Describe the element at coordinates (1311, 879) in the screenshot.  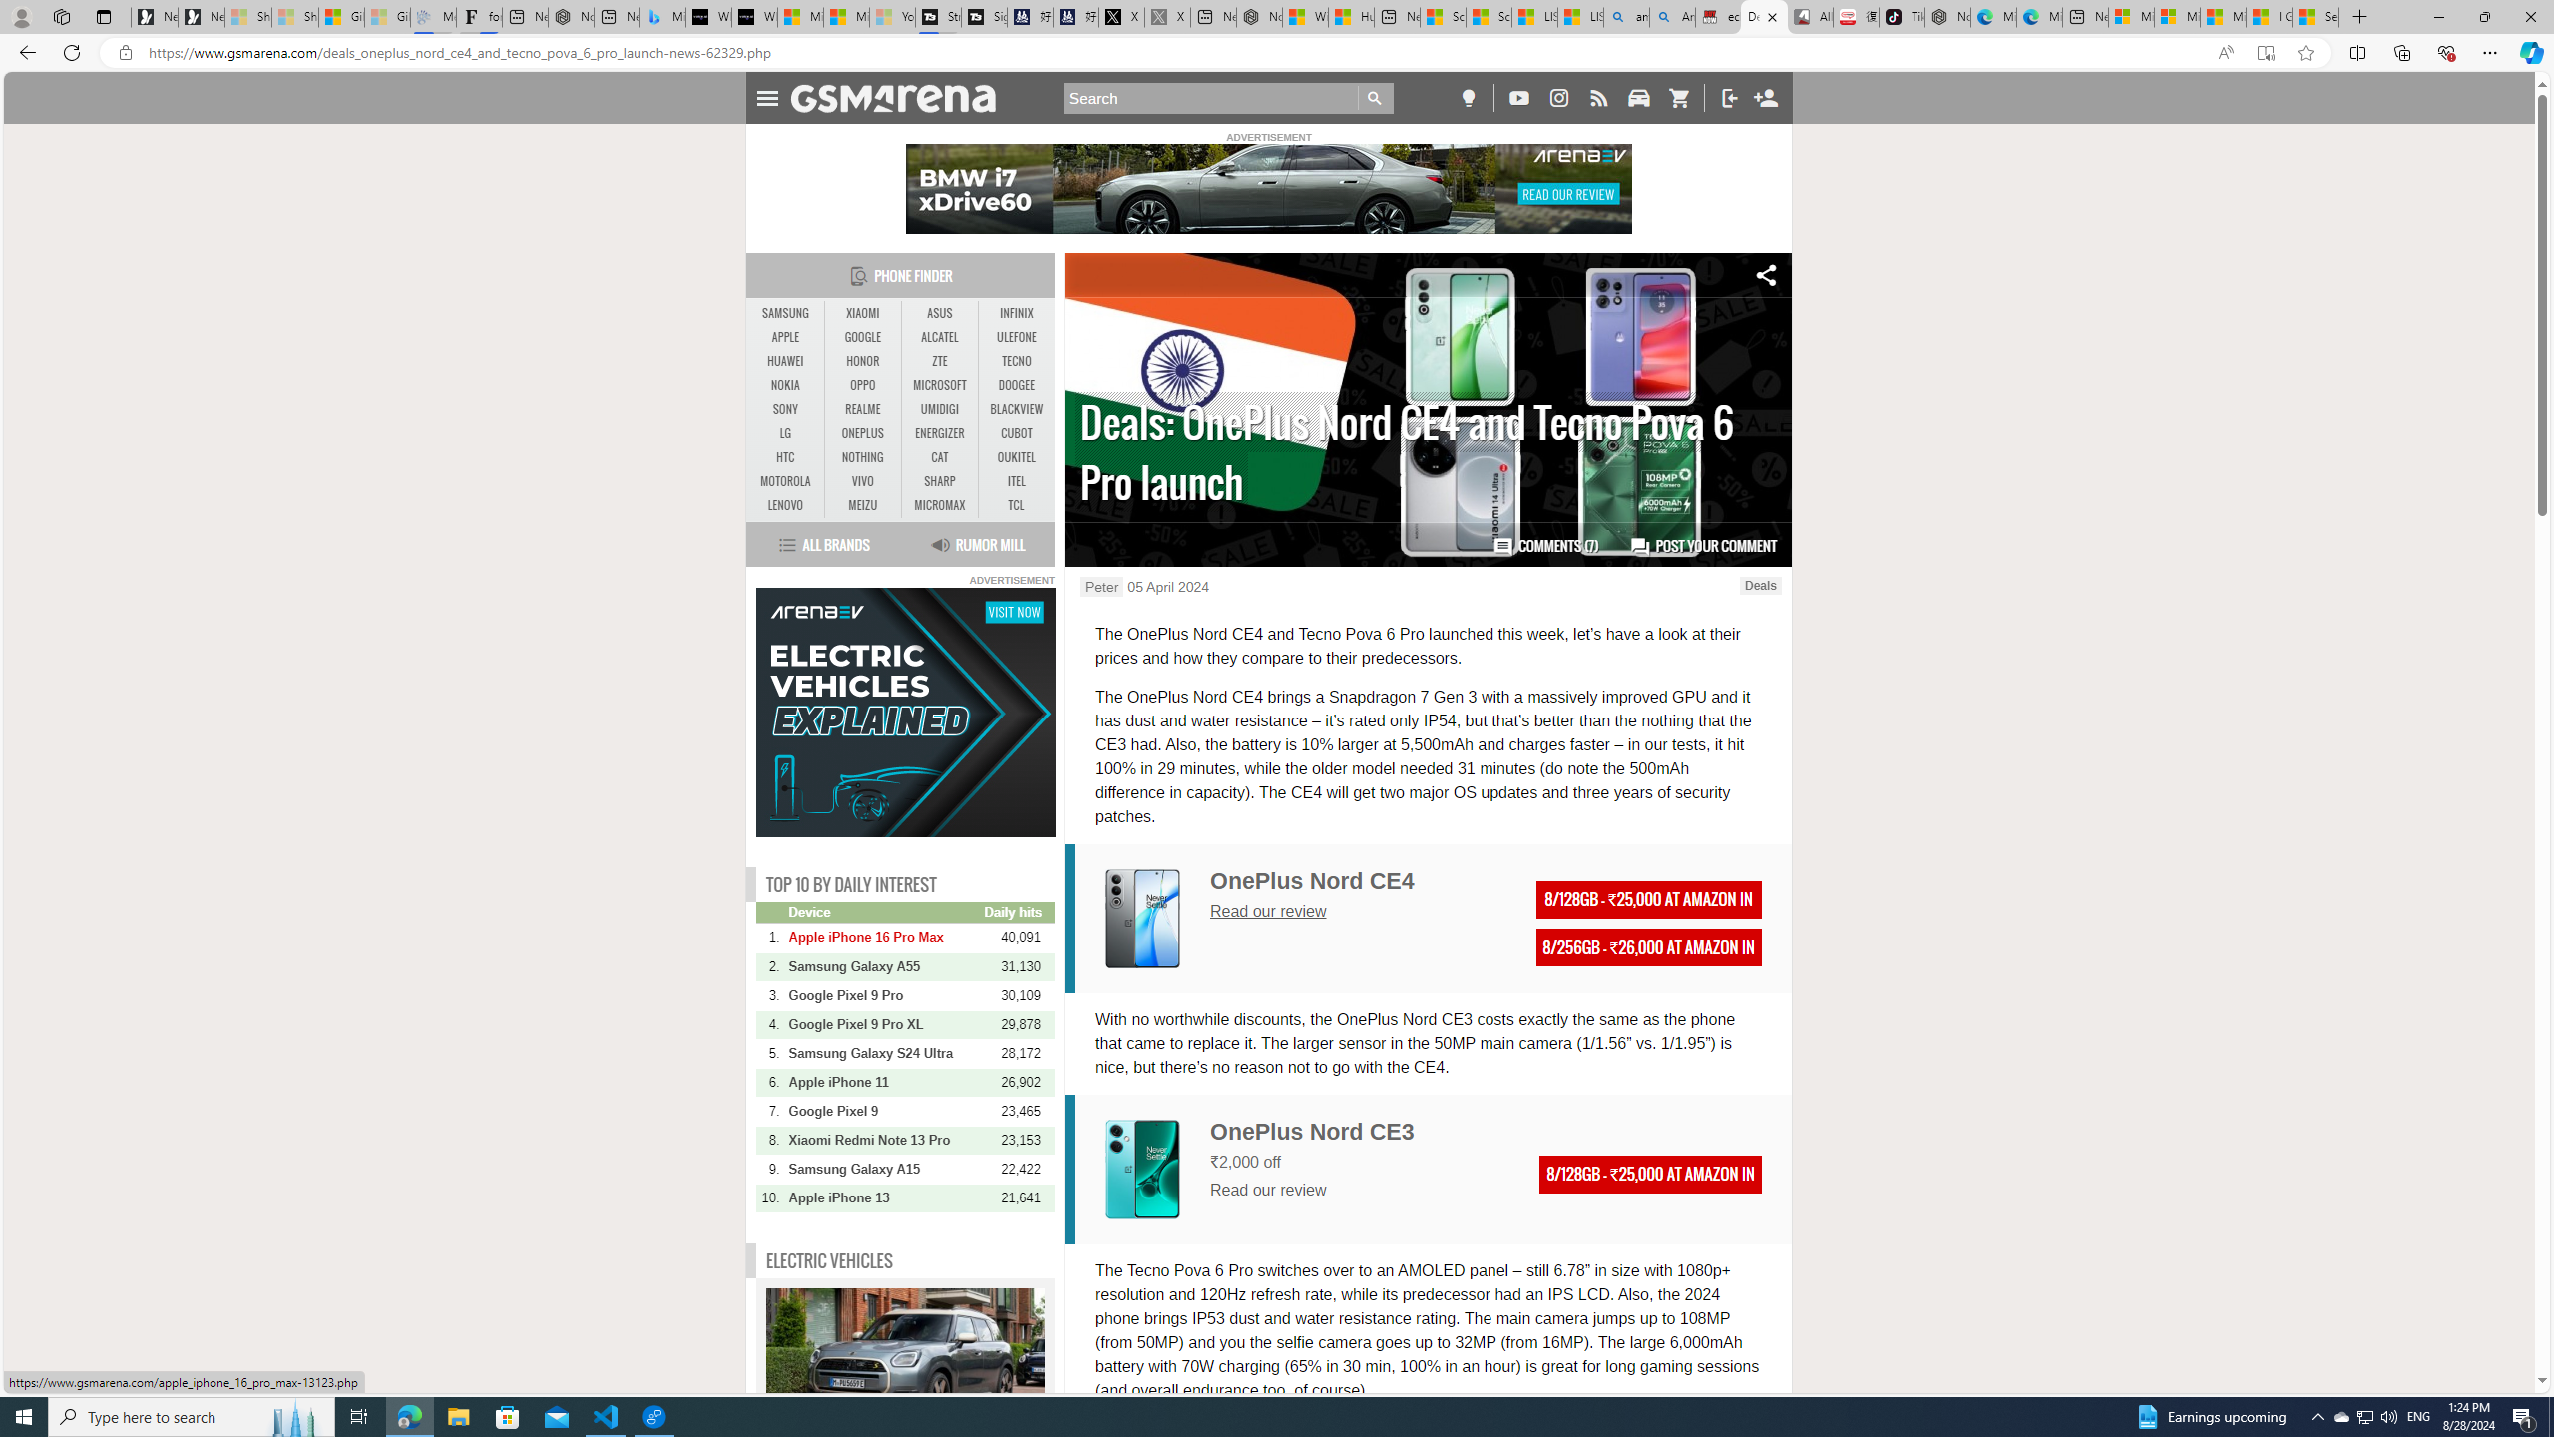
I see `'OnePlus Nord CE4'` at that location.